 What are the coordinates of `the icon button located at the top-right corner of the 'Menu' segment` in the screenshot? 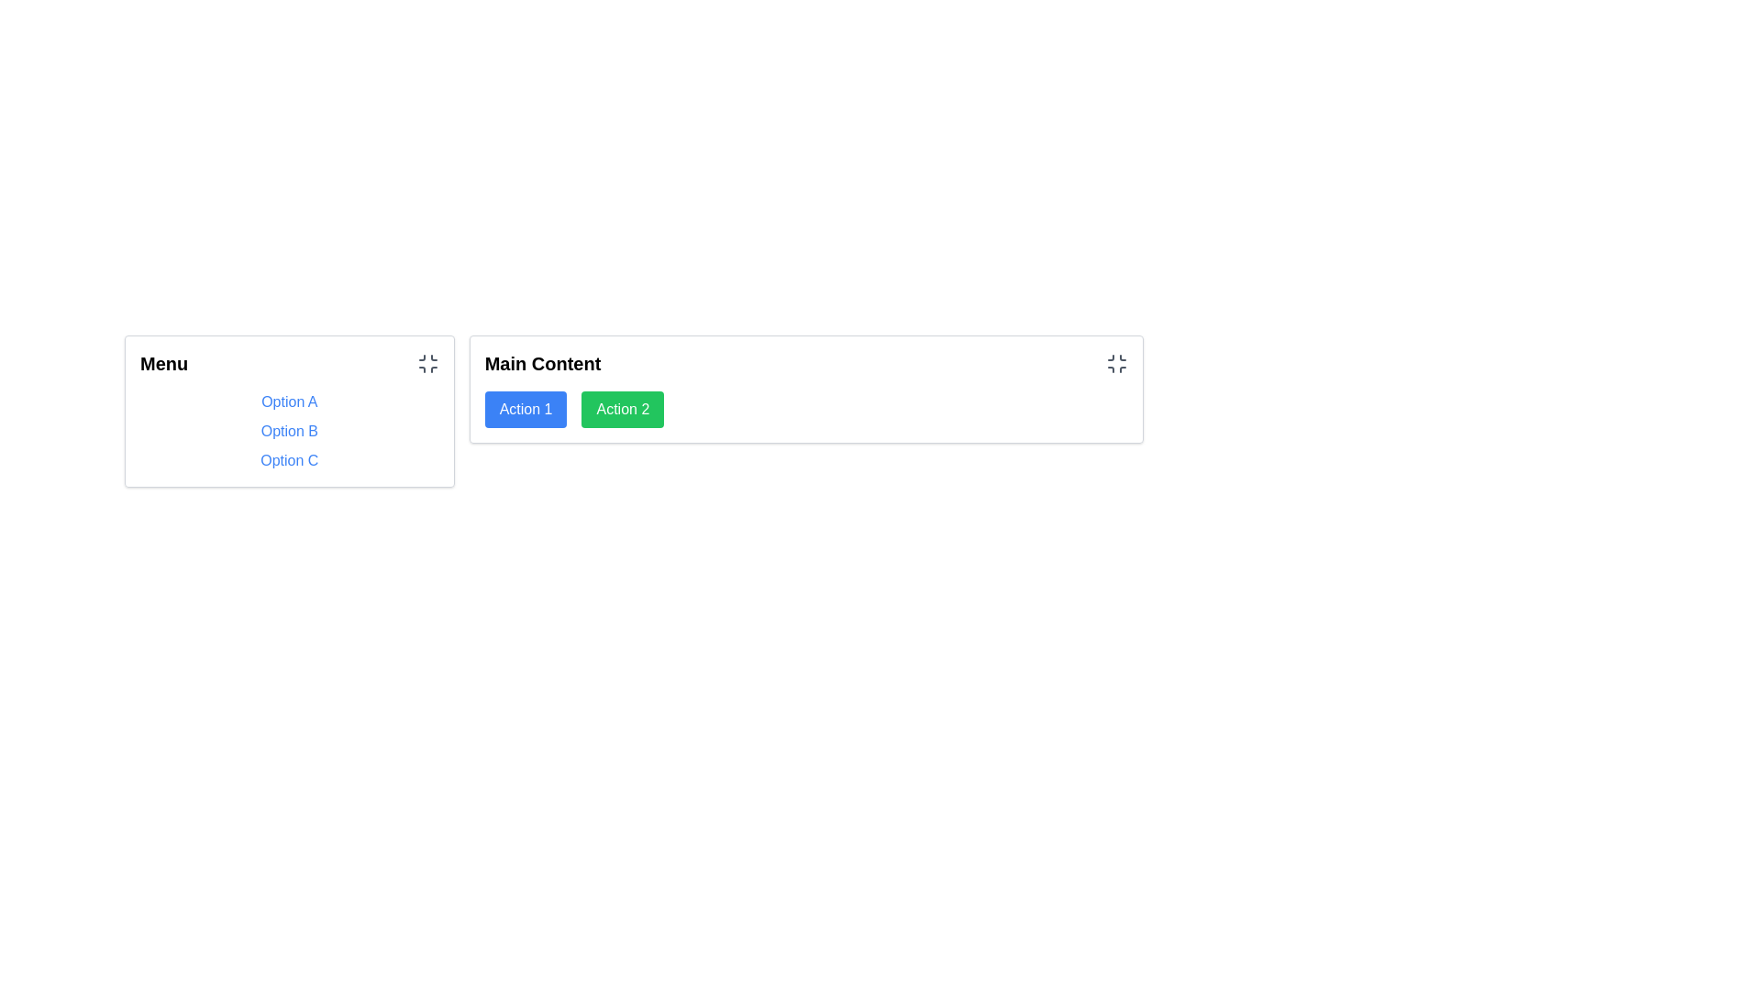 It's located at (426, 364).